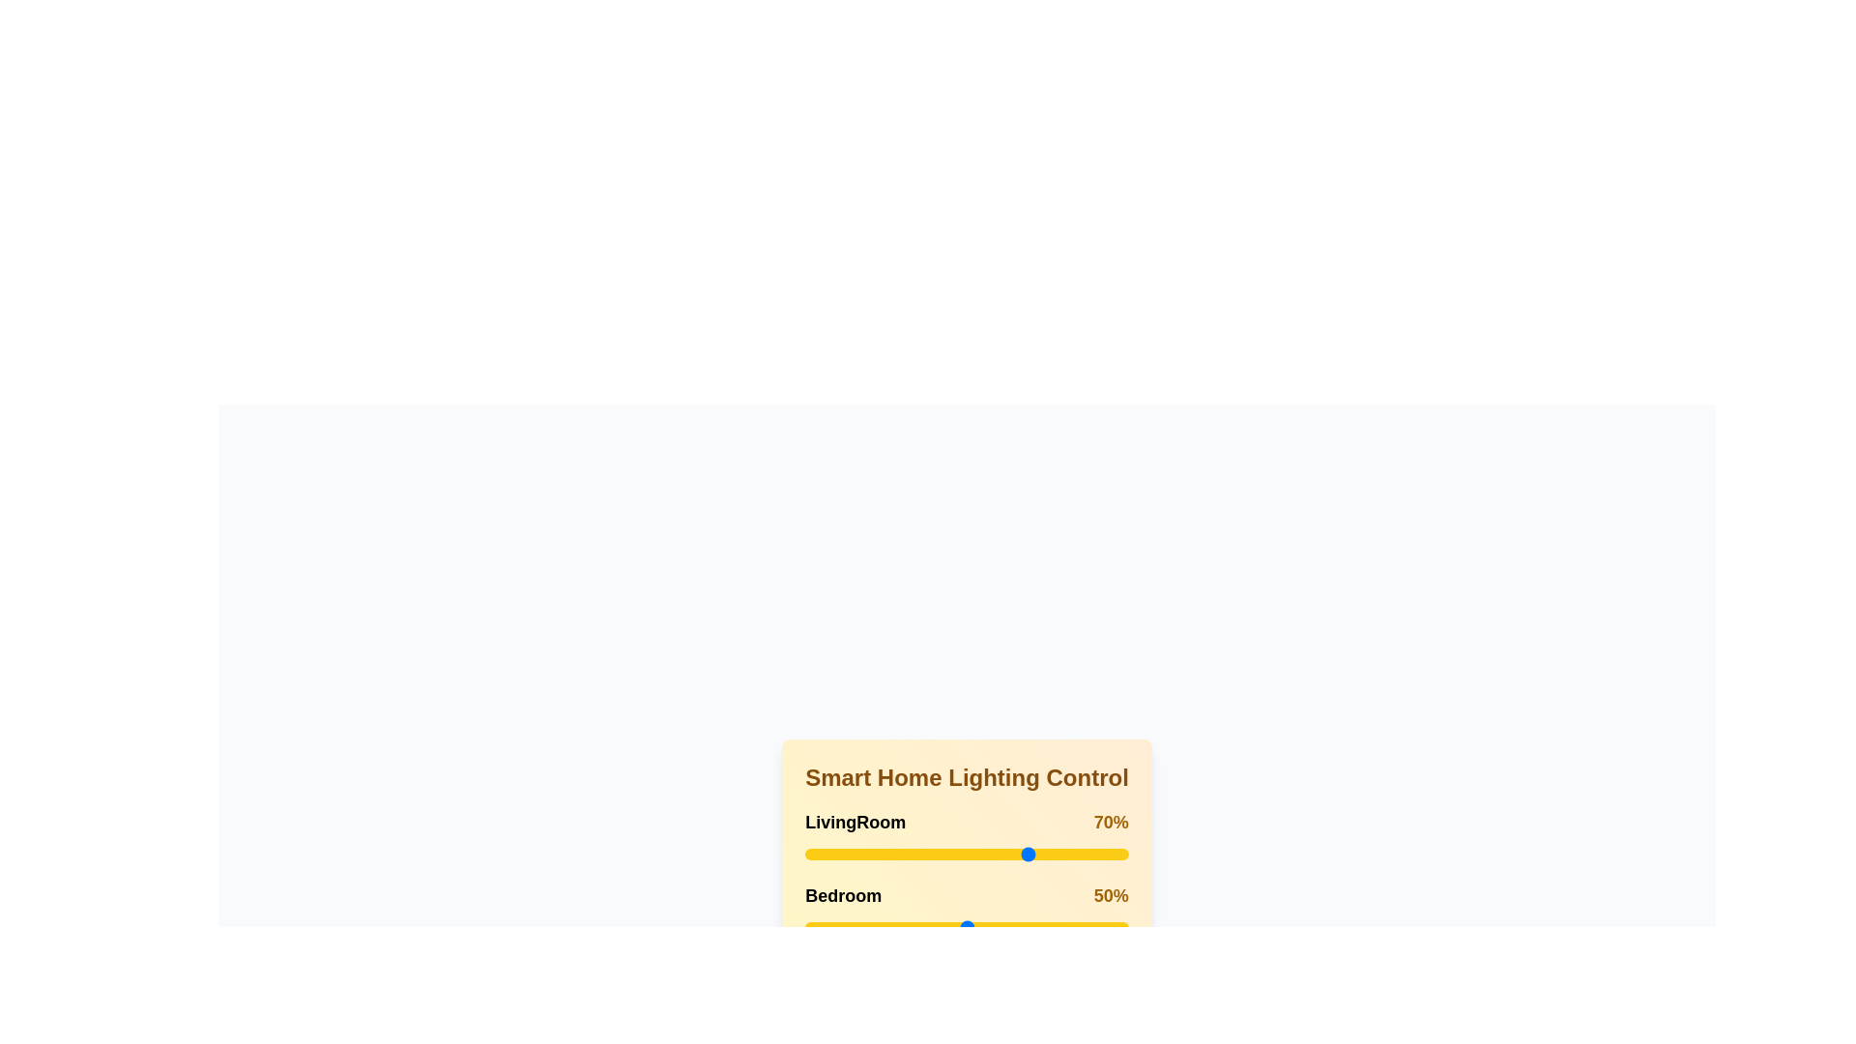 Image resolution: width=1856 pixels, height=1044 pixels. What do you see at coordinates (834, 853) in the screenshot?
I see `the lighting control value` at bounding box center [834, 853].